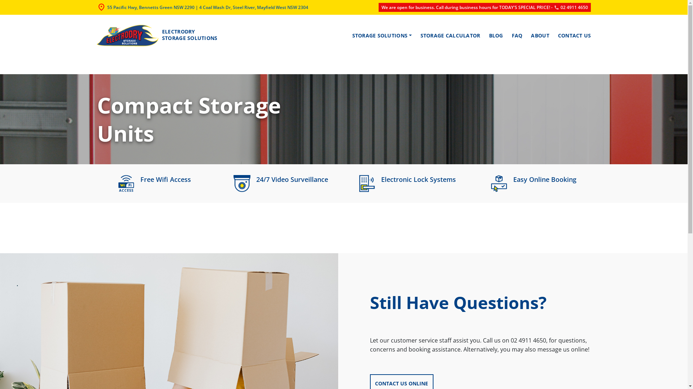 Image resolution: width=693 pixels, height=389 pixels. I want to click on 'STORAGE CALCULATOR', so click(450, 36).